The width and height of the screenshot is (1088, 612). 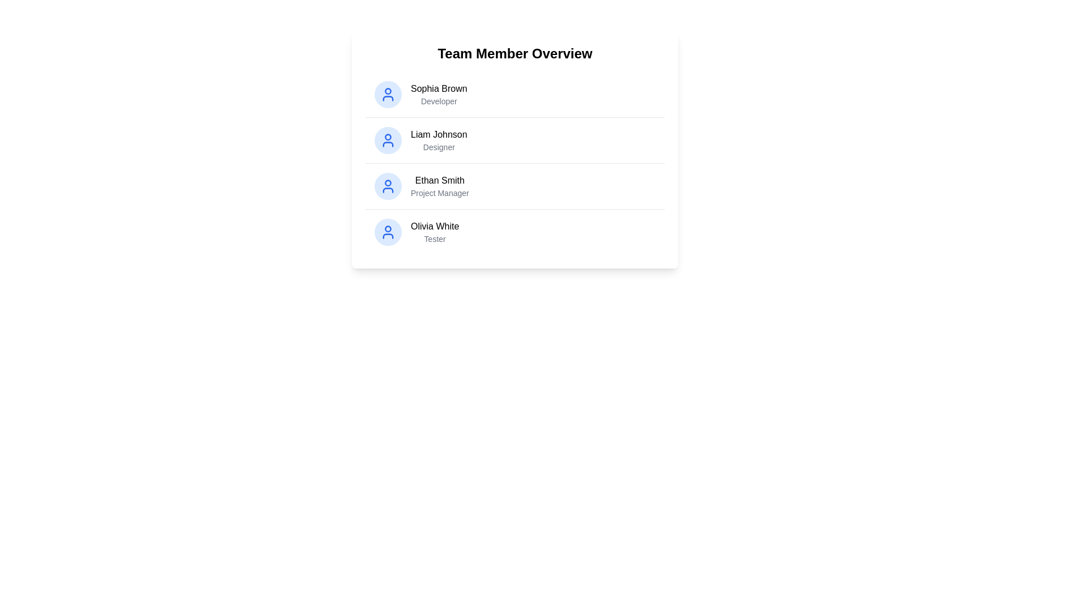 I want to click on the Circle inside the SVG icon representing the user avatar for Ethan Smith, Project Manager, located to the left of the name and role text, so click(x=388, y=182).